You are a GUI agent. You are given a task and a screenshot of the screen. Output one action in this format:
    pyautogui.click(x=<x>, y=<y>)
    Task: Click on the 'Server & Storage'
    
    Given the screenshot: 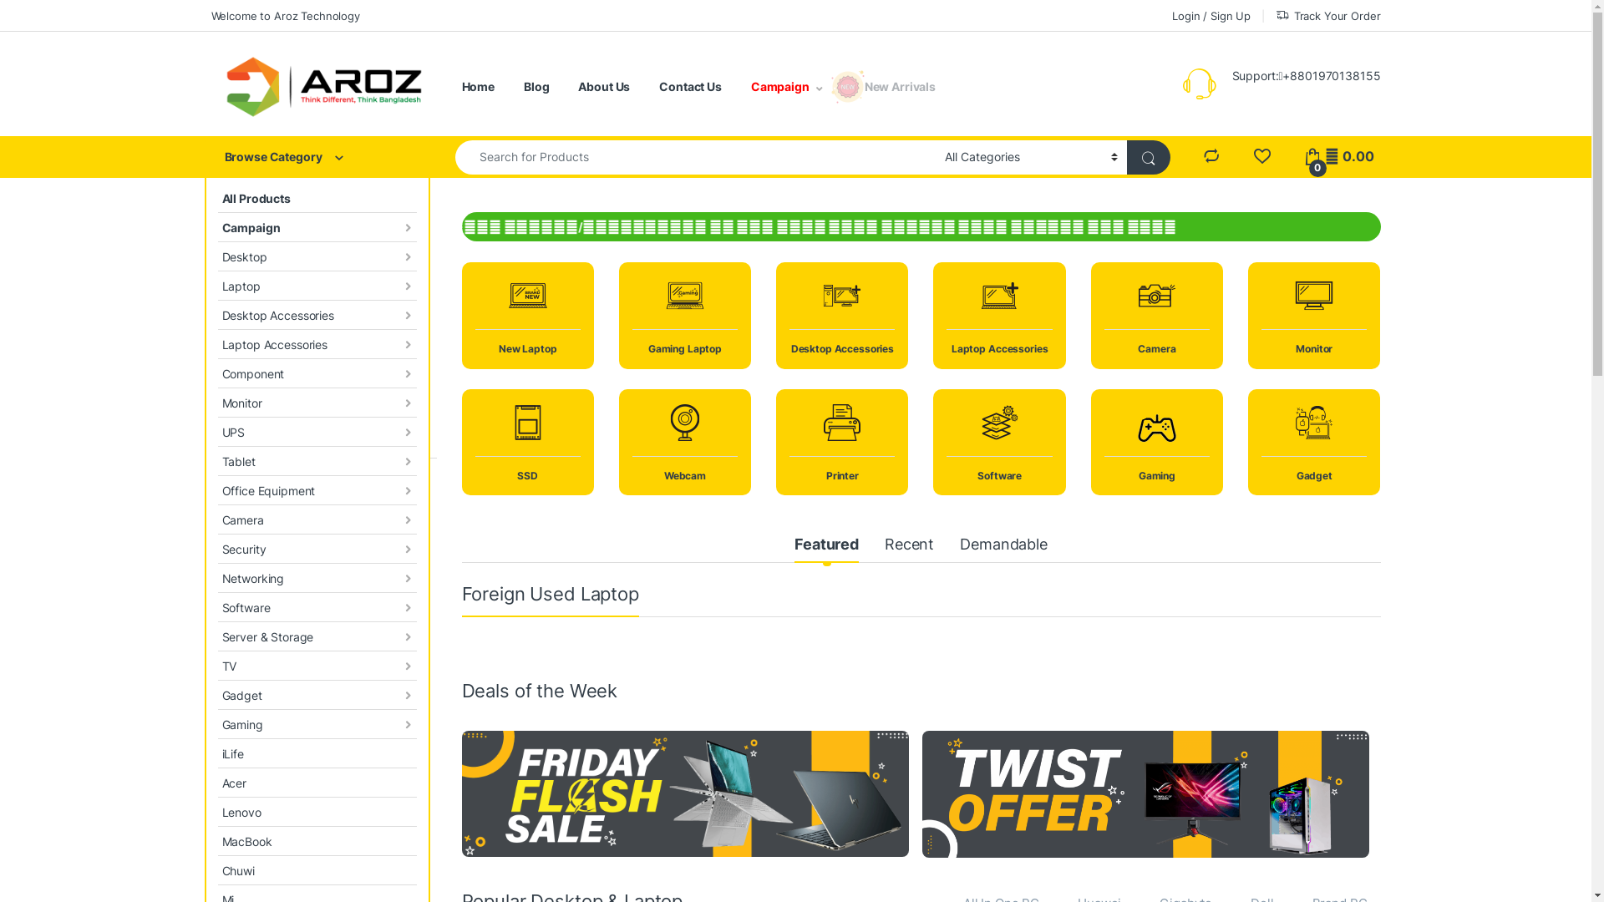 What is the action you would take?
    pyautogui.click(x=216, y=636)
    